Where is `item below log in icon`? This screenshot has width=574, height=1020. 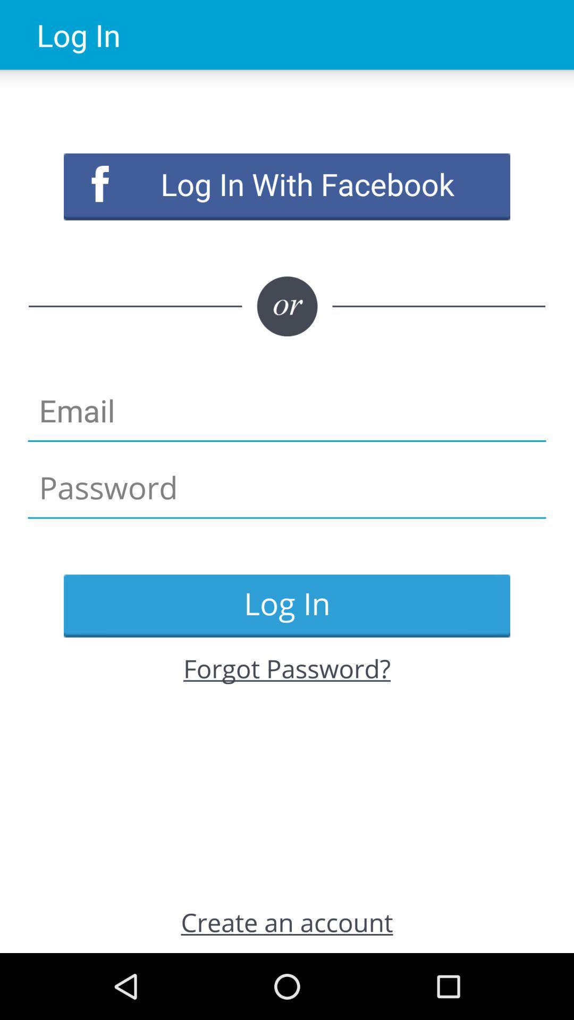 item below log in icon is located at coordinates (287, 668).